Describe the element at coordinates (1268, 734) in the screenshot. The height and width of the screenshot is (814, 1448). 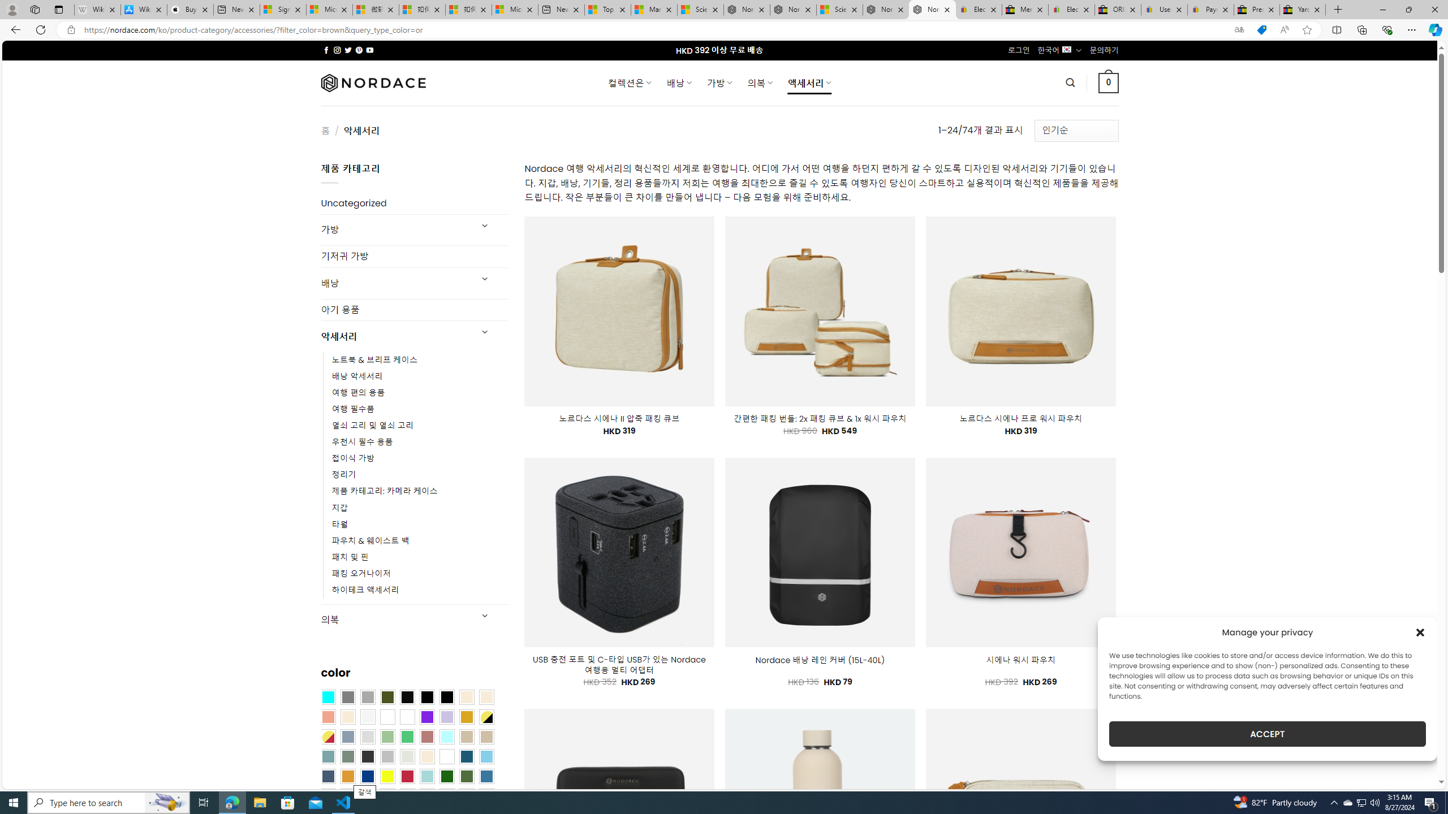
I see `'ACCEPT'` at that location.